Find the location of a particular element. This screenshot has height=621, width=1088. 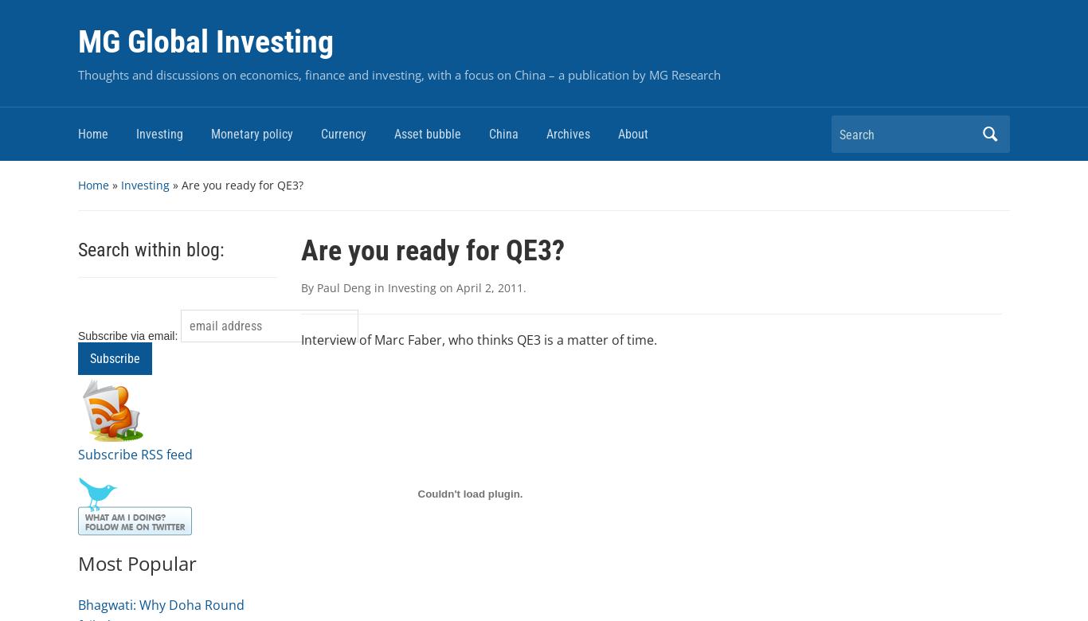

'.' is located at coordinates (523, 287).